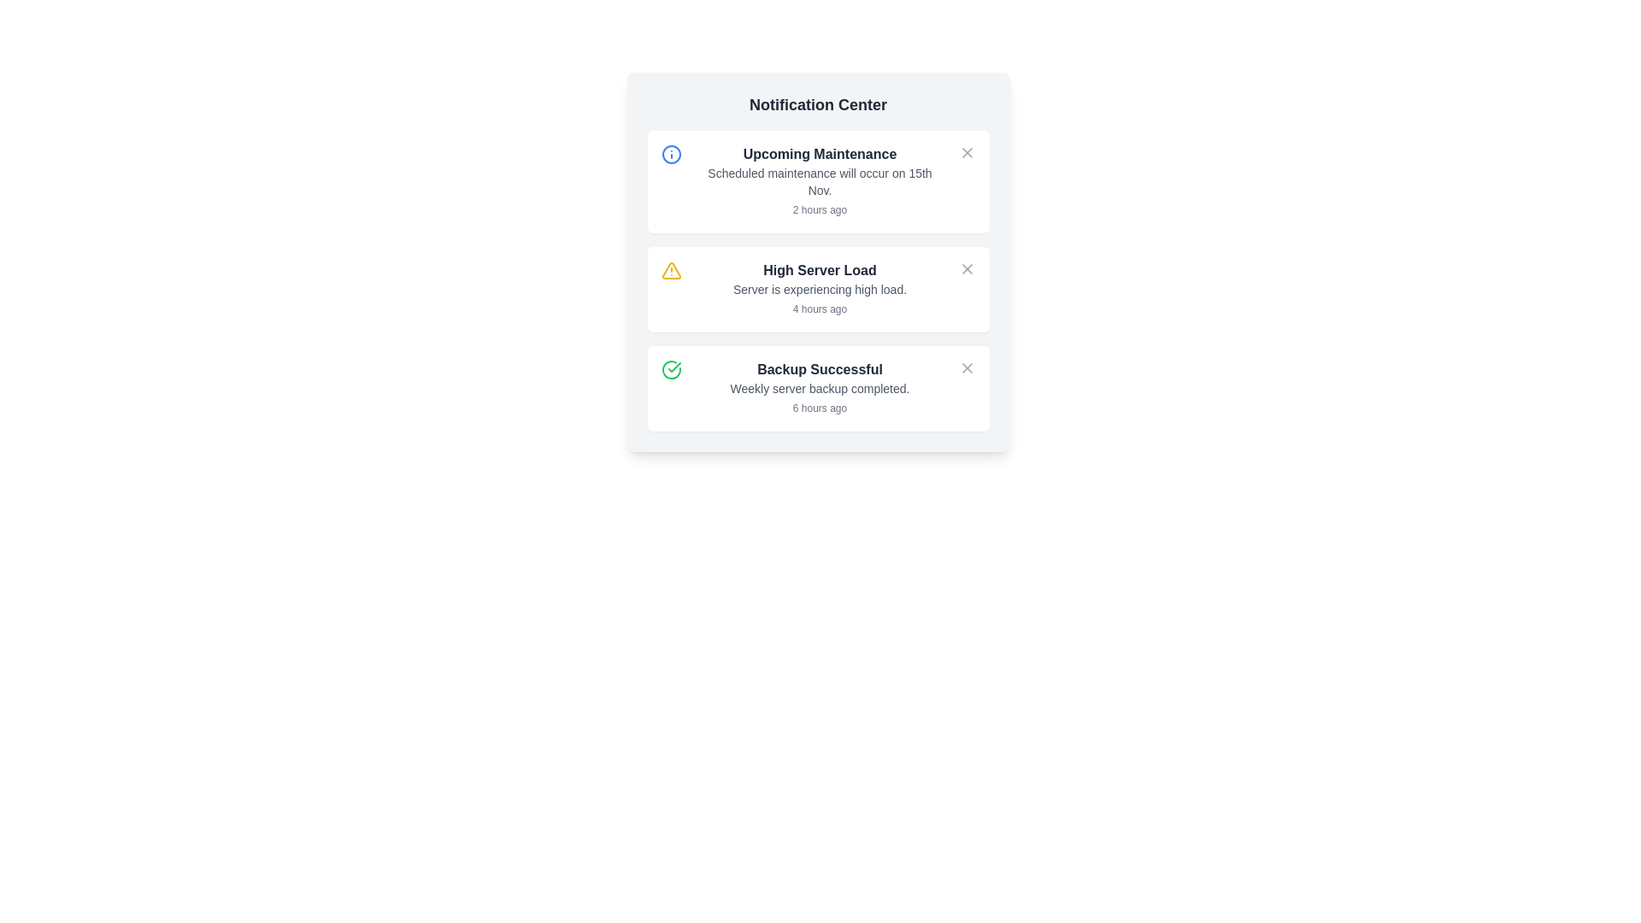 This screenshot has width=1641, height=923. What do you see at coordinates (967, 269) in the screenshot?
I see `the close icon in the middle notification card titled 'High Server Load', which is positioned on the far right and vertically centered within the card` at bounding box center [967, 269].